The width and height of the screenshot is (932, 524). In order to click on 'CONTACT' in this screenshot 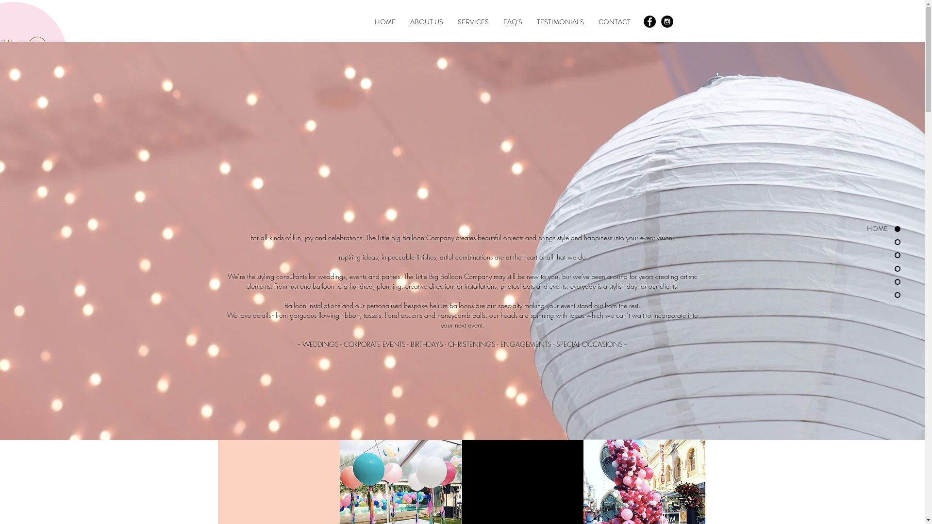, I will do `click(614, 22)`.